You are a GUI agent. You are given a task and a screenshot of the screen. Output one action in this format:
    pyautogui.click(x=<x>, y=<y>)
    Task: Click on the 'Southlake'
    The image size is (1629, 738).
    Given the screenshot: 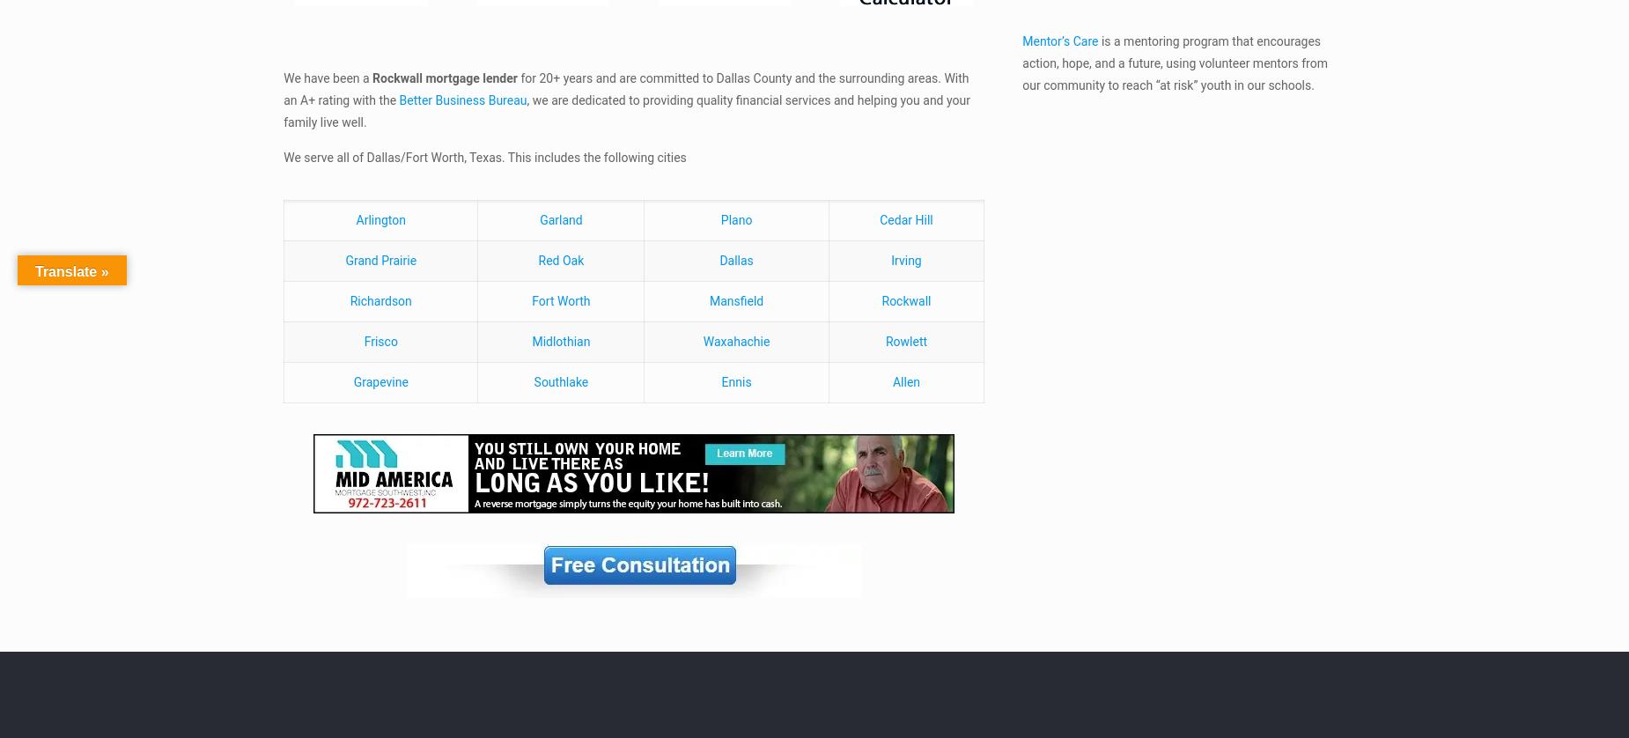 What is the action you would take?
    pyautogui.click(x=560, y=380)
    